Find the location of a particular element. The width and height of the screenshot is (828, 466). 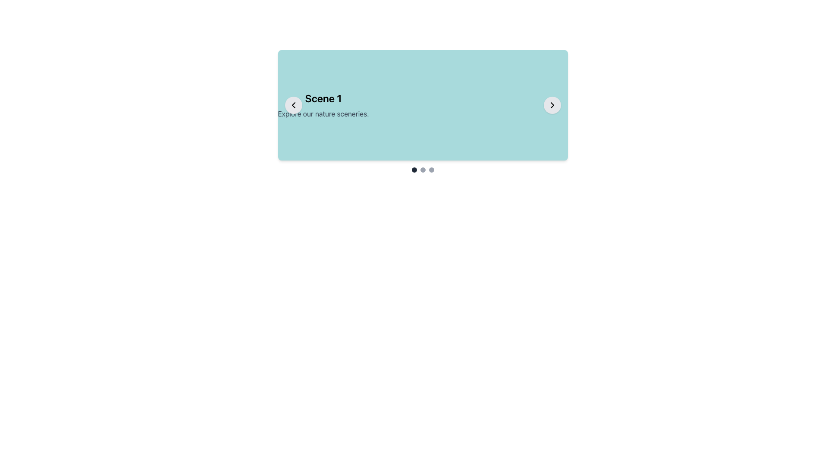

the highlighted middle circular indicator of the Navigation Indicator located at the bottom center of the section containing the banner with text 'Scene 1' and 'Explore our nature sceneries' is located at coordinates (423, 170).